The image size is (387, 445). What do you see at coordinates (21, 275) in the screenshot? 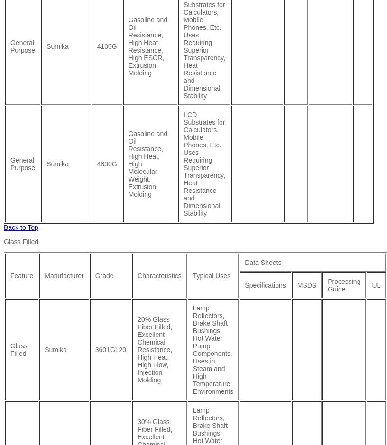
I see `'Feature'` at bounding box center [21, 275].